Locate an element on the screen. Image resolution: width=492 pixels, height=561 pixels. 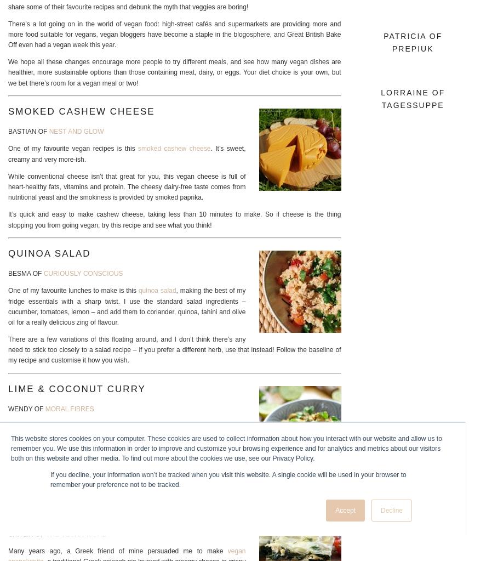
'One of my favourite lunches to make is this' is located at coordinates (72, 290).